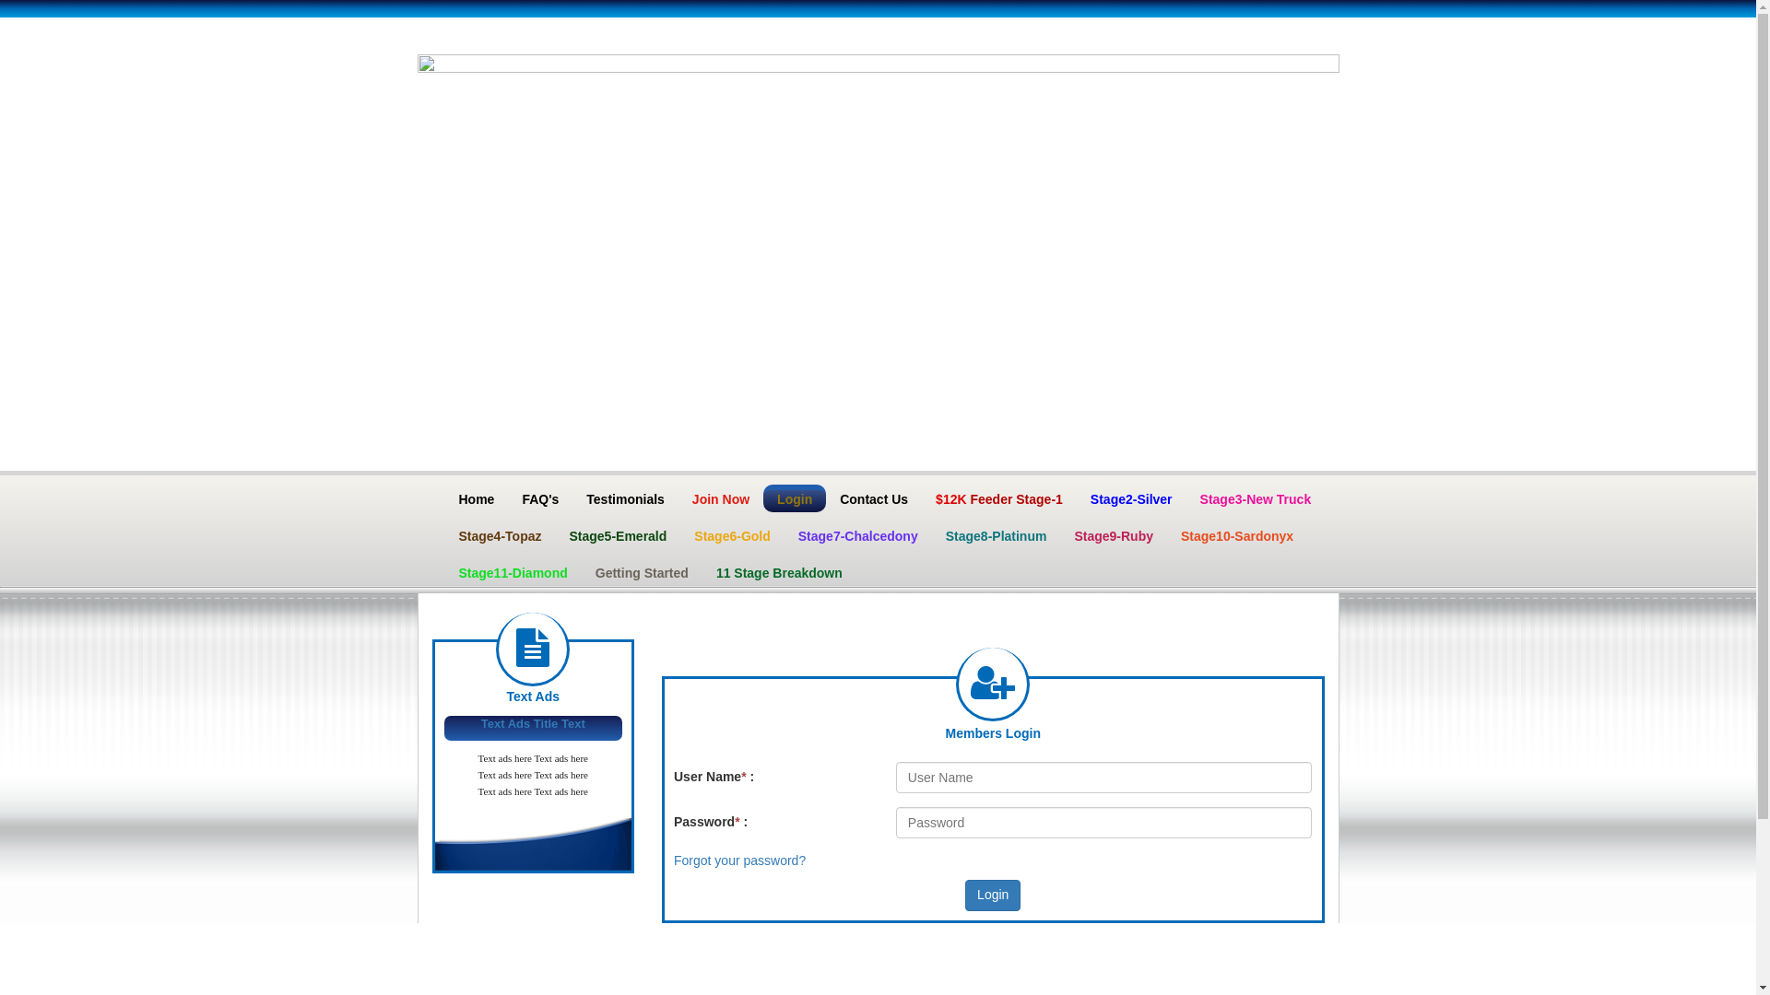 Image resolution: width=1770 pixels, height=995 pixels. Describe the element at coordinates (642, 571) in the screenshot. I see `'Getting Started'` at that location.